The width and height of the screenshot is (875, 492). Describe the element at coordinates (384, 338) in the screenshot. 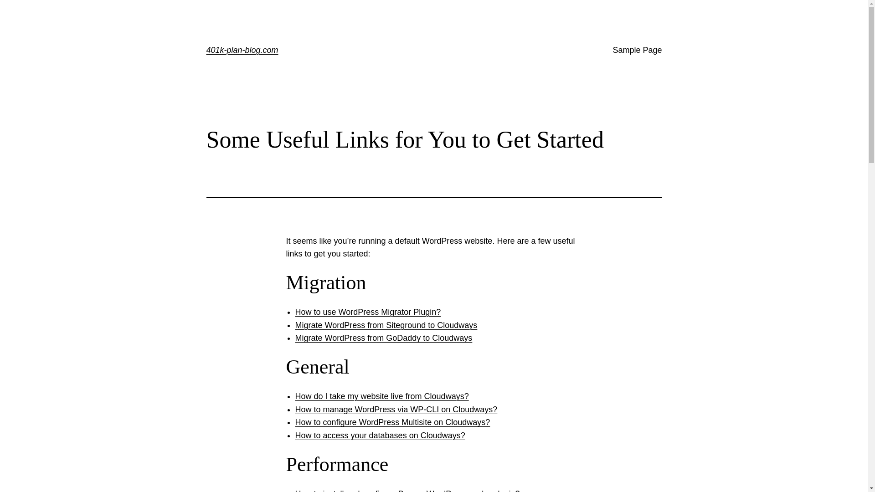

I see `'Migrate WordPress from GoDaddy to Cloudways'` at that location.